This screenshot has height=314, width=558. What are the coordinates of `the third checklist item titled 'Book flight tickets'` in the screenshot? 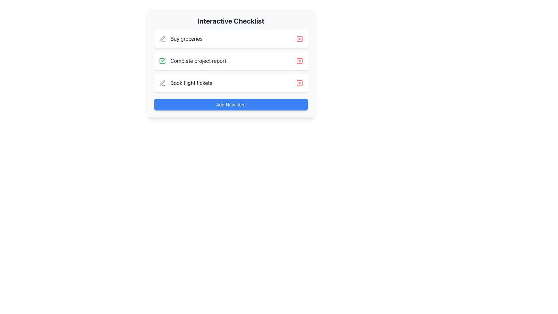 It's located at (185, 83).